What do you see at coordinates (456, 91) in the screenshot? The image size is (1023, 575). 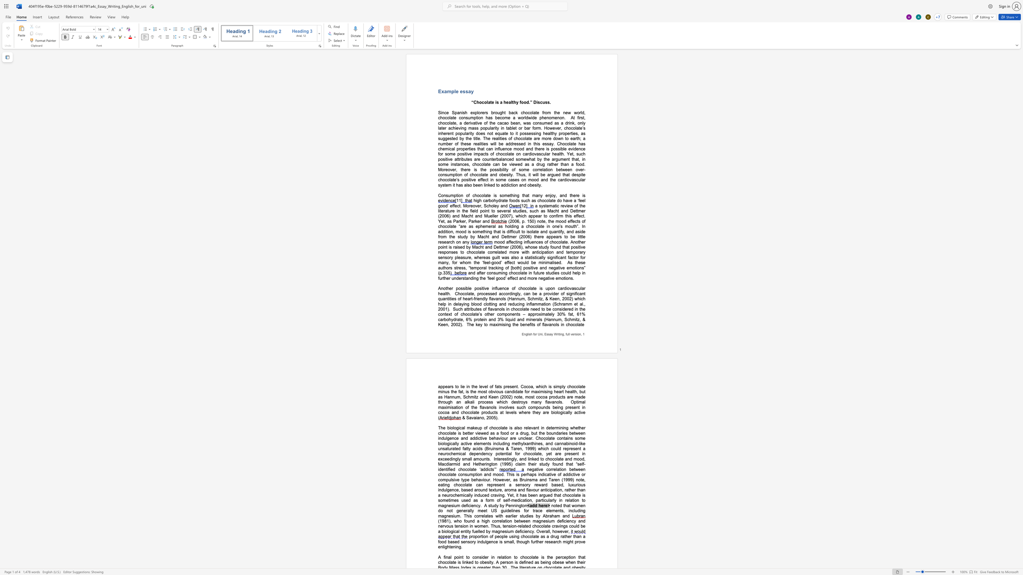 I see `the space between the continuous character "l" and "e" in the text` at bounding box center [456, 91].